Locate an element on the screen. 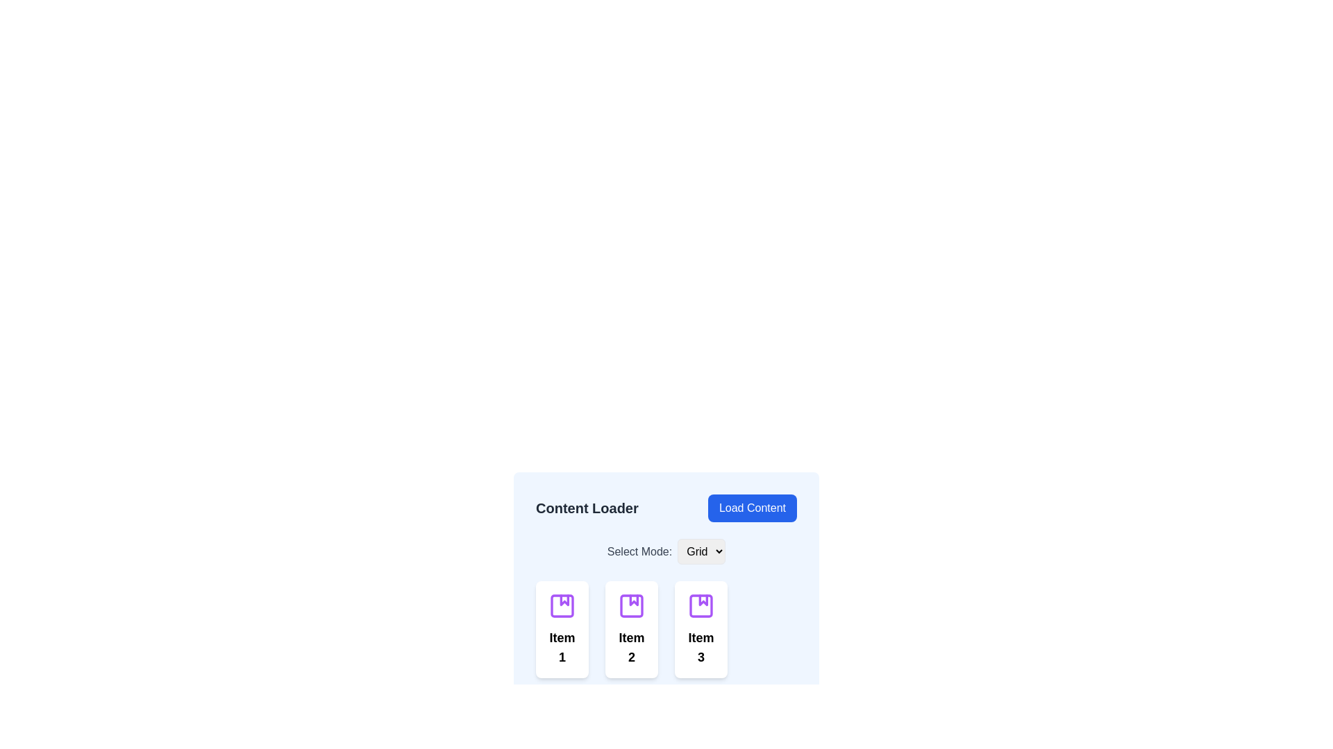  the blue rectangular button with rounded corners labeled 'Load Content' is located at coordinates (752, 508).